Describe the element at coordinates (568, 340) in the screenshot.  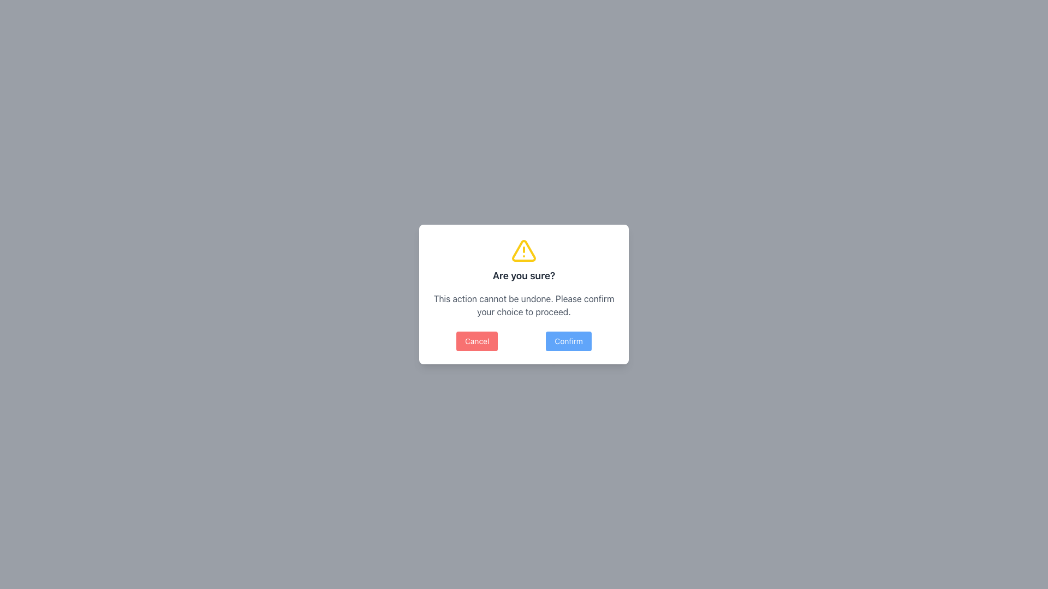
I see `the 'Confirm' button located in the bottom-right section of the modal dialog box` at that location.